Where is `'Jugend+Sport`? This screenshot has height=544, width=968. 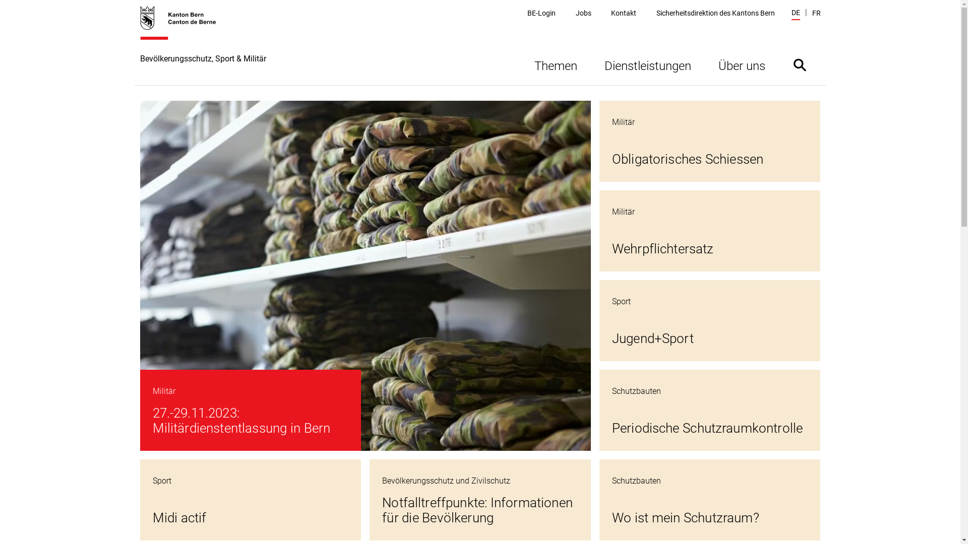 'Jugend+Sport is located at coordinates (709, 320).